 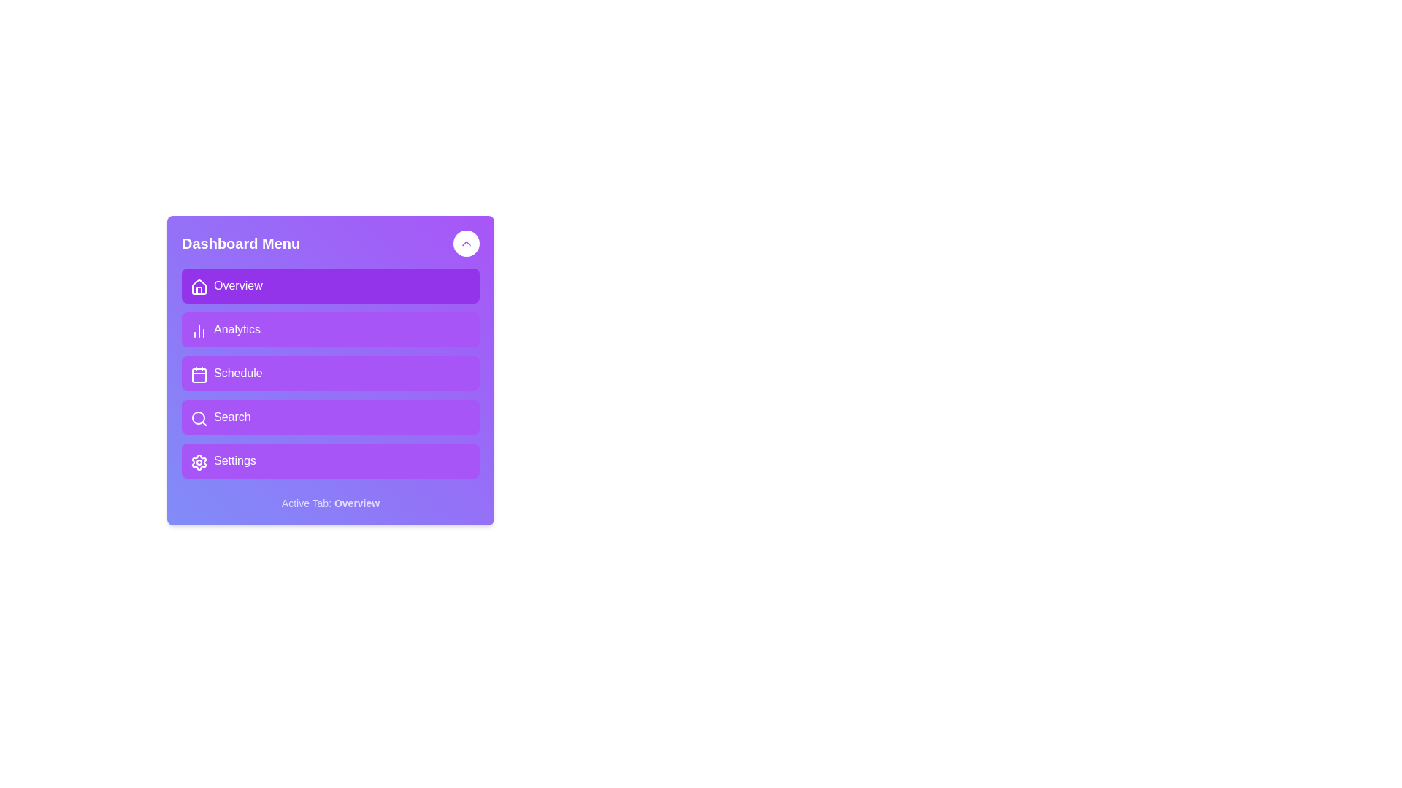 What do you see at coordinates (329, 417) in the screenshot?
I see `the search button located in the sidebar navigation menu` at bounding box center [329, 417].